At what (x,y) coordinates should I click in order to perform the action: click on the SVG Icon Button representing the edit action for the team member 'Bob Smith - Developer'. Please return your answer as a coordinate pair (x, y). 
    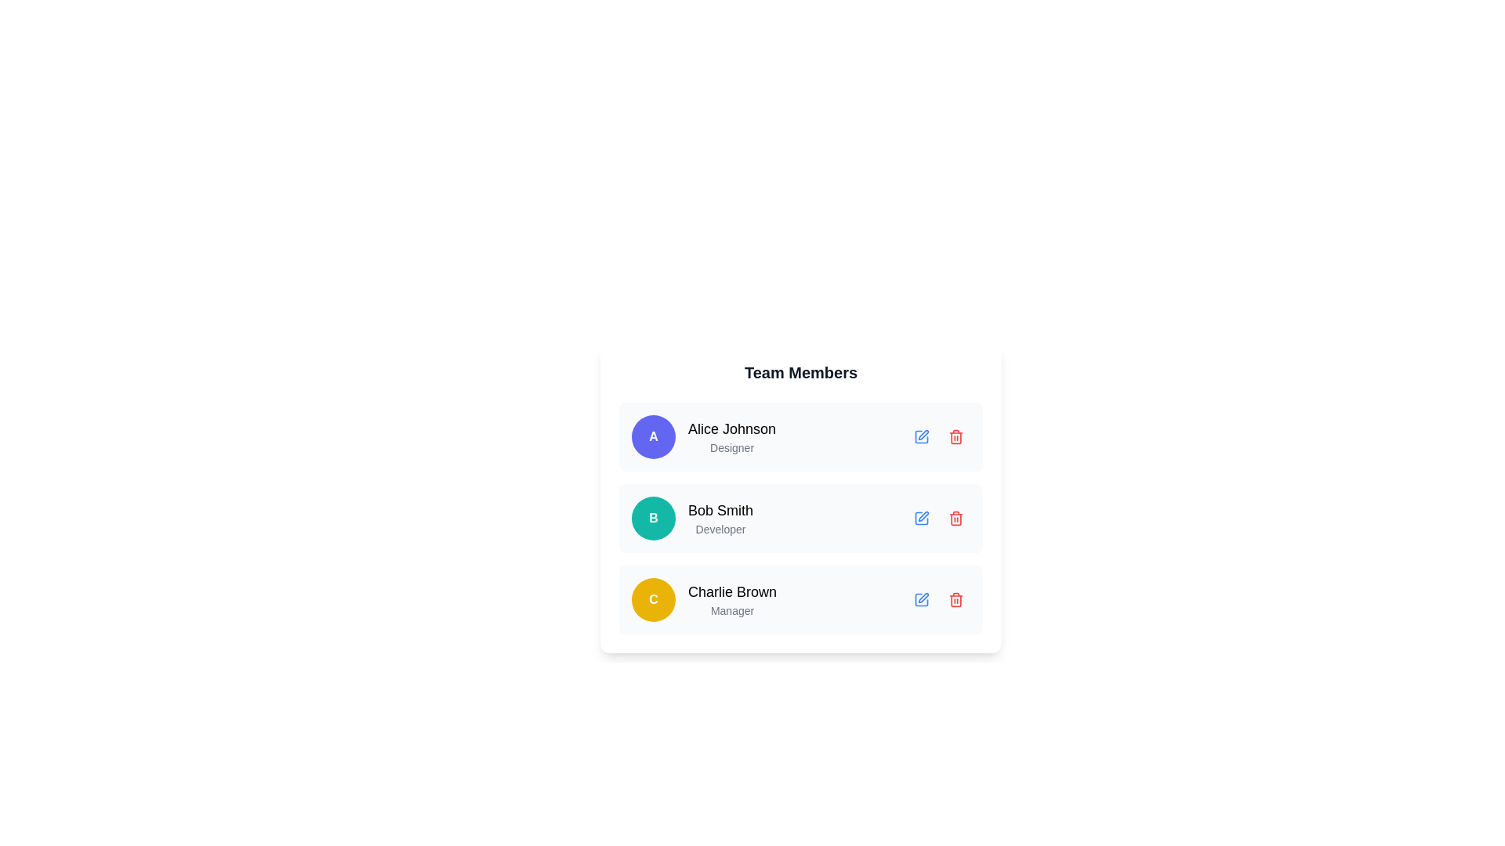
    Looking at the image, I should click on (923, 516).